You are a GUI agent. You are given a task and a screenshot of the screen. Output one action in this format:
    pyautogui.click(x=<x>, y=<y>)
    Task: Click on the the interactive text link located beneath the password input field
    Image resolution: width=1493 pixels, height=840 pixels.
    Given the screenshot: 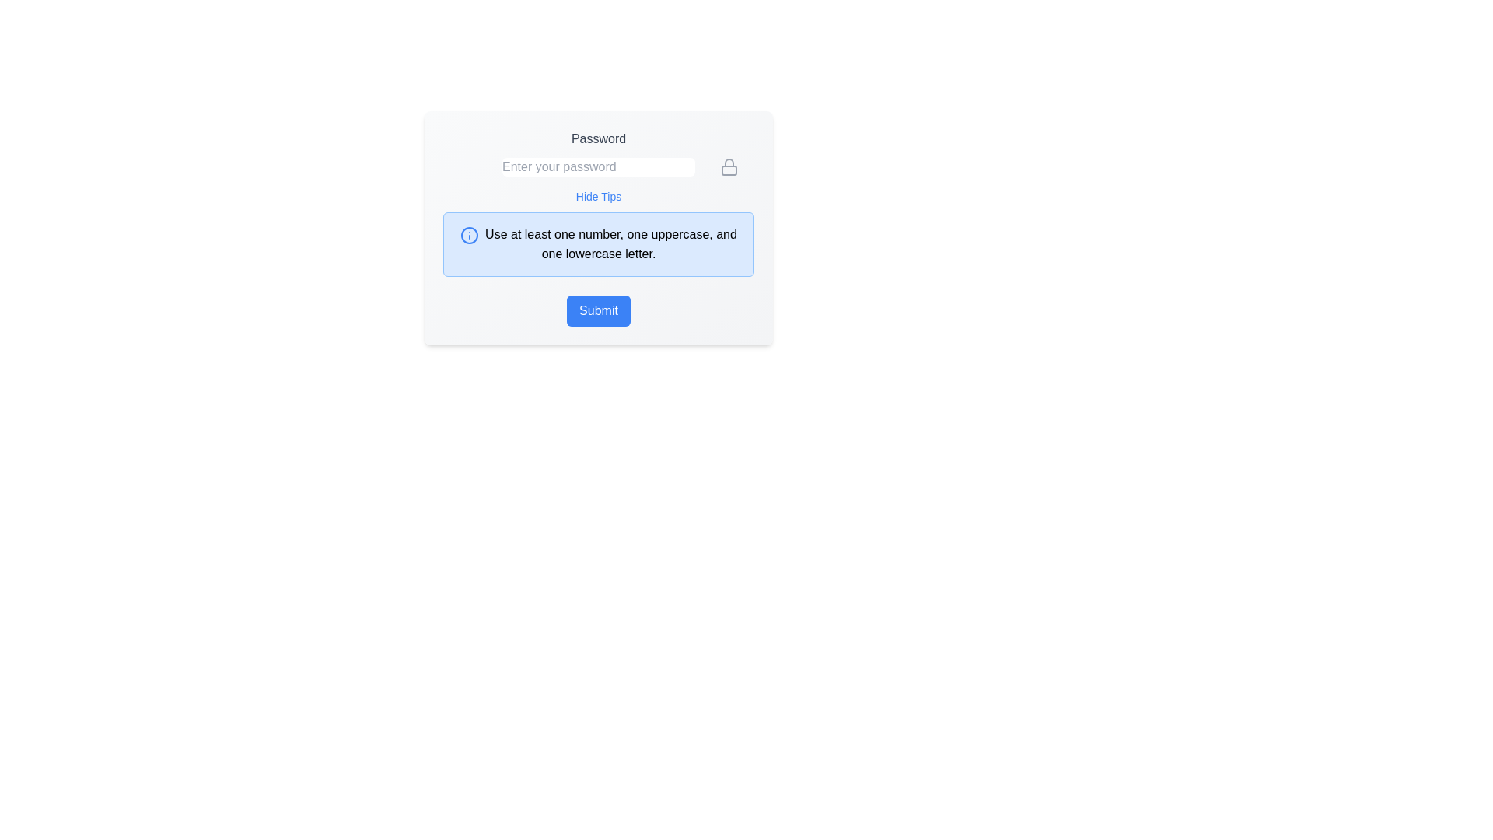 What is the action you would take?
    pyautogui.click(x=597, y=196)
    